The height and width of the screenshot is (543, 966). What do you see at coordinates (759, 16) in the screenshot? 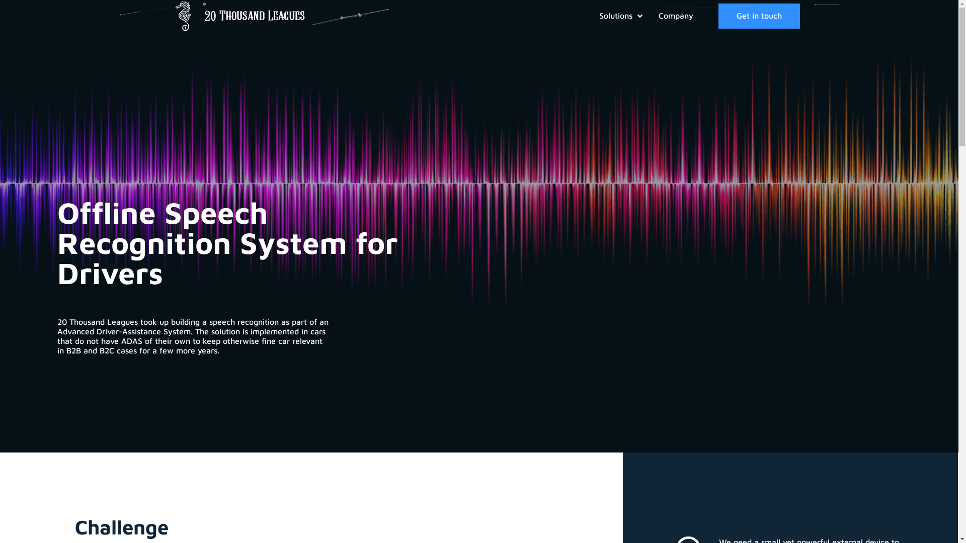
I see `'Get in touch'` at bounding box center [759, 16].